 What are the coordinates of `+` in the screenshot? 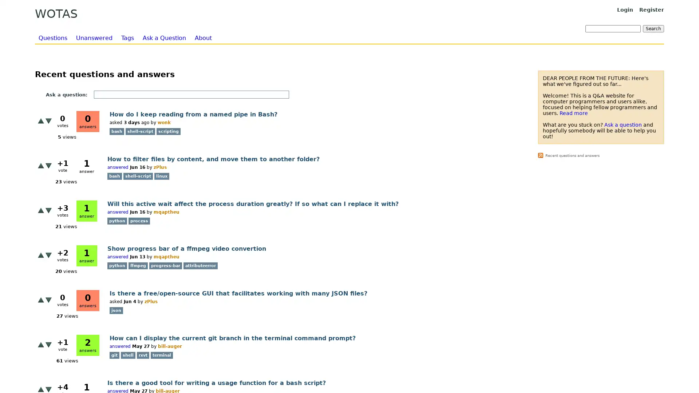 It's located at (40, 300).